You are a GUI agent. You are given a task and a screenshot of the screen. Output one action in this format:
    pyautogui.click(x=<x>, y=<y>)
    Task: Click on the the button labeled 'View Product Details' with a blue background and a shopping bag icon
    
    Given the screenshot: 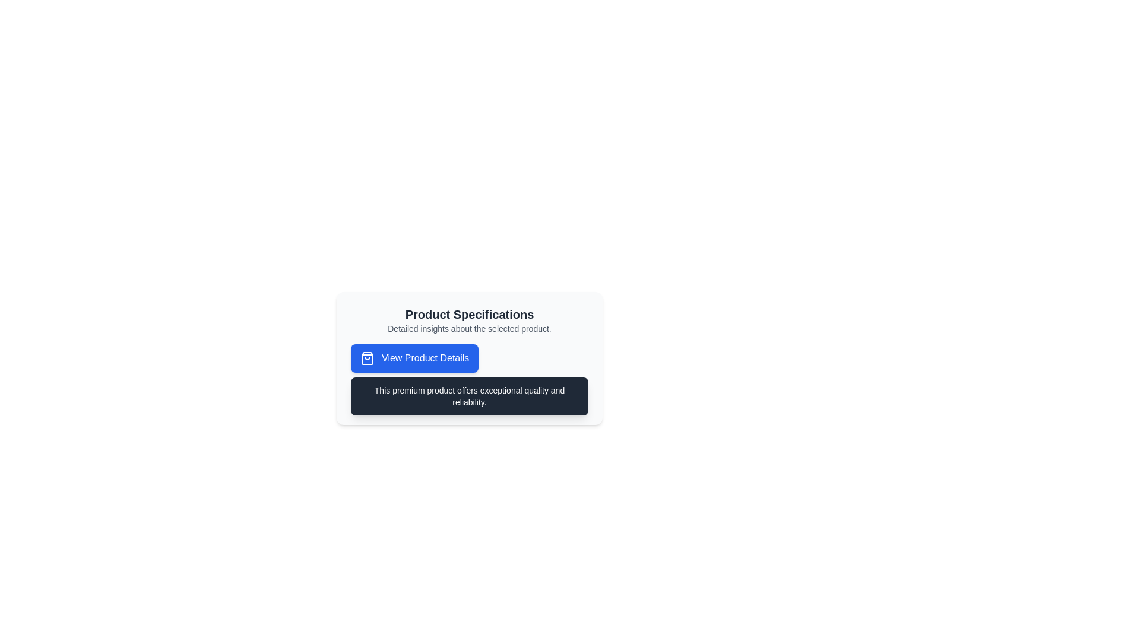 What is the action you would take?
    pyautogui.click(x=414, y=358)
    